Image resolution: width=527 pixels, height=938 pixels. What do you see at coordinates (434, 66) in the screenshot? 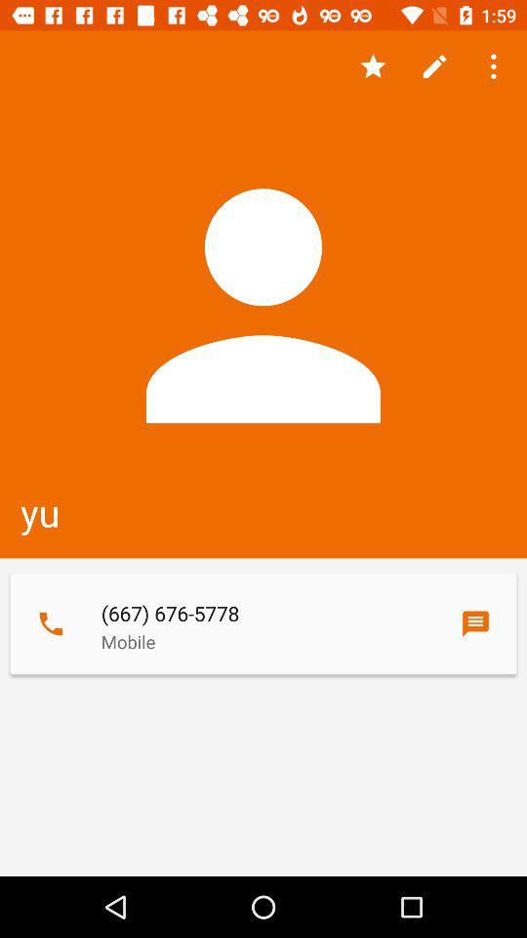
I see `the item above yu` at bounding box center [434, 66].